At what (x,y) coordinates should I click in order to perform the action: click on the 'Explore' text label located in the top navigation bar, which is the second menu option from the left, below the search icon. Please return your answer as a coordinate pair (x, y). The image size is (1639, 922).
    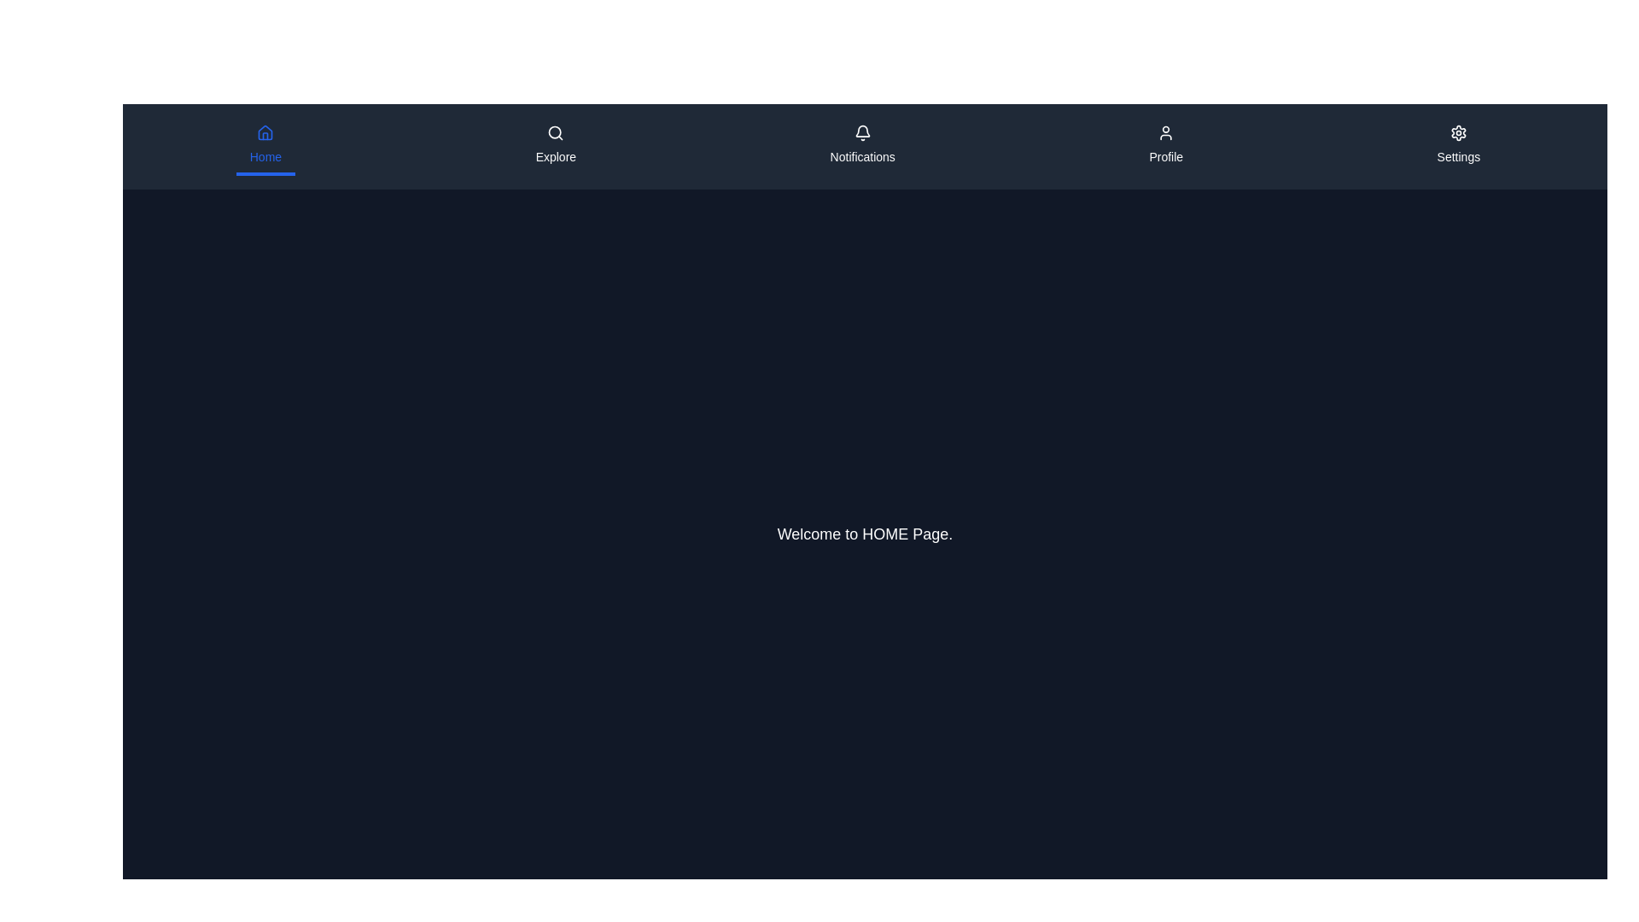
    Looking at the image, I should click on (556, 157).